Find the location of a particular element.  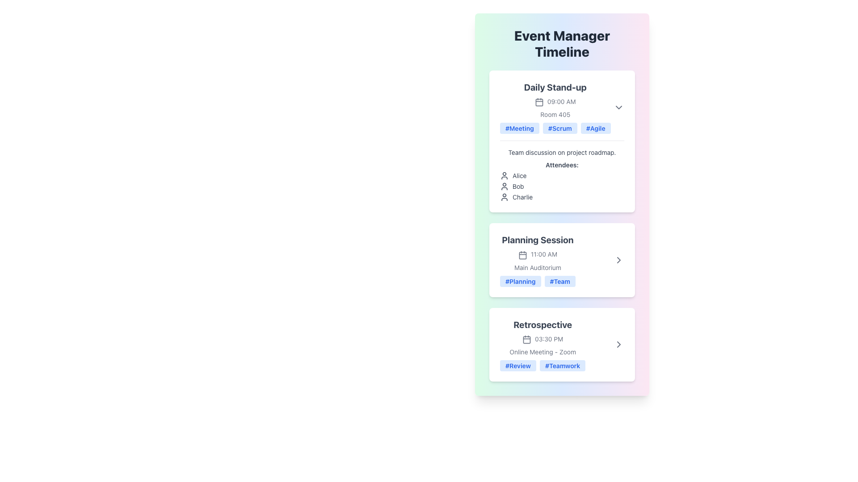

the icon button located at the top-right corner of the 'Daily Stand-up' card is located at coordinates (618, 106).